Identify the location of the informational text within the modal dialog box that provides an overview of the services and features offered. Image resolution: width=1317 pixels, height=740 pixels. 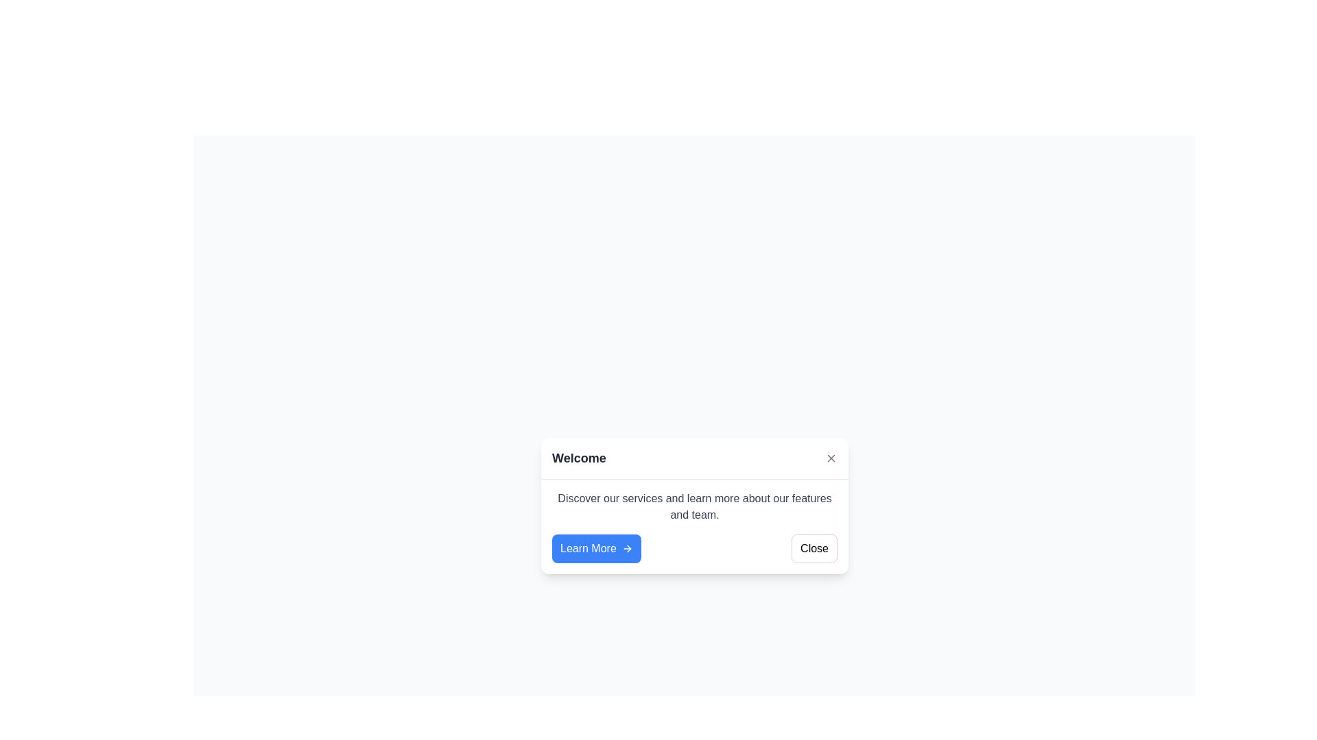
(694, 506).